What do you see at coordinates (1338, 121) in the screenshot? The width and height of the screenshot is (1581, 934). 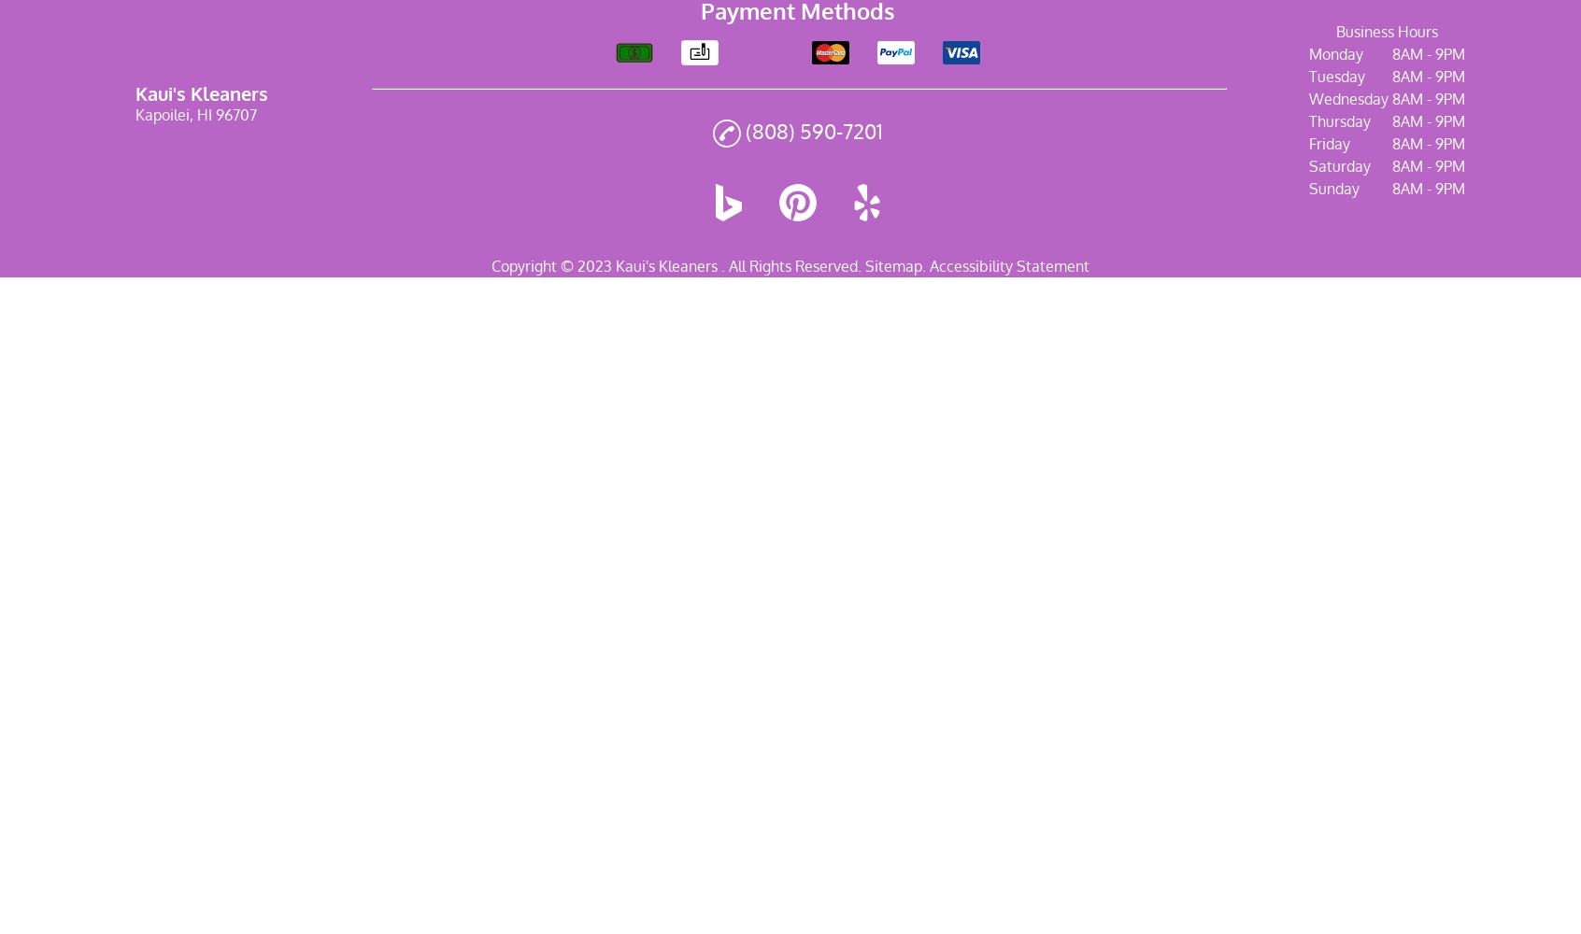 I see `'Thursday'` at bounding box center [1338, 121].